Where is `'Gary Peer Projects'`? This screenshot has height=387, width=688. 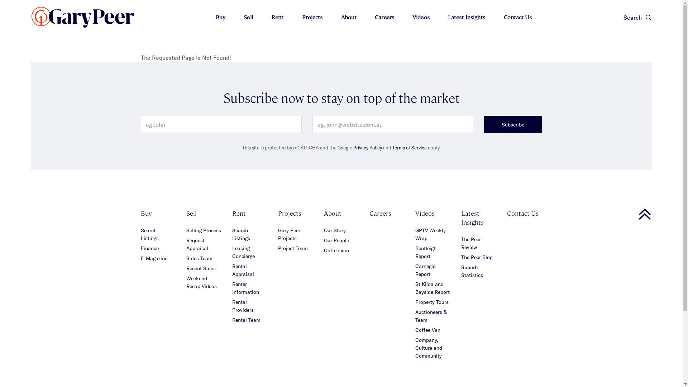
'Gary Peer Projects' is located at coordinates (289, 234).